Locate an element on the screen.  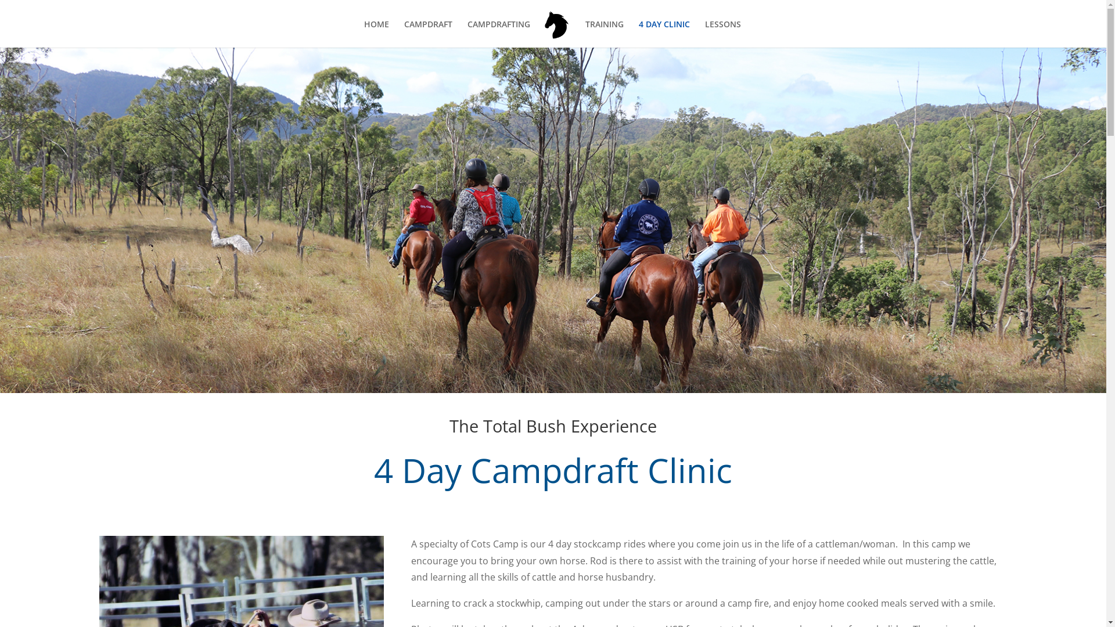
'HOME' is located at coordinates (376, 33).